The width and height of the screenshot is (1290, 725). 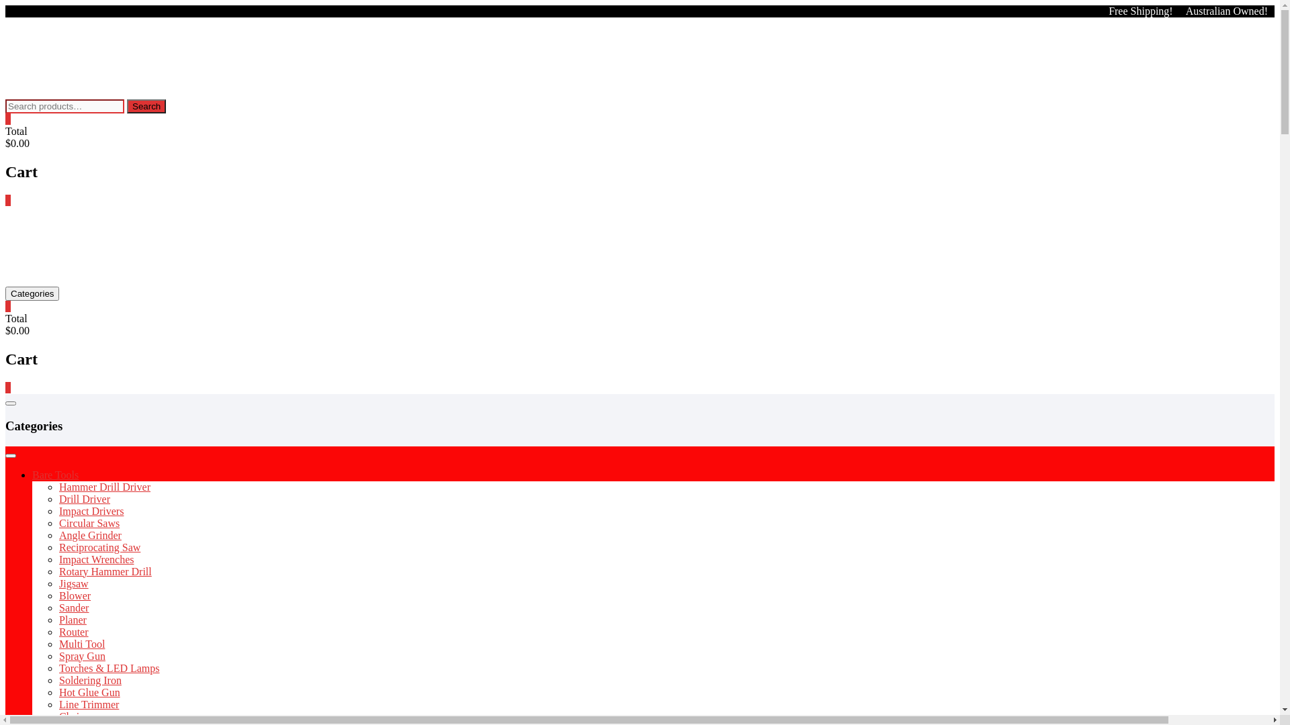 I want to click on 'Blower', so click(x=74, y=595).